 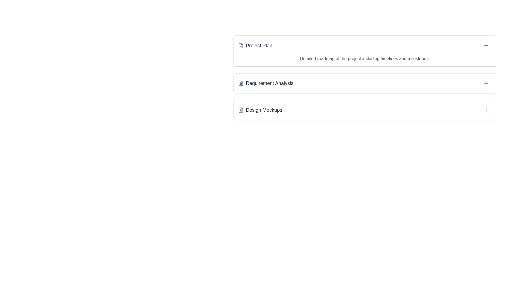 I want to click on the icon button located to the right of the 'Requirement Analysis' item in the second row of the list, so click(x=486, y=110).